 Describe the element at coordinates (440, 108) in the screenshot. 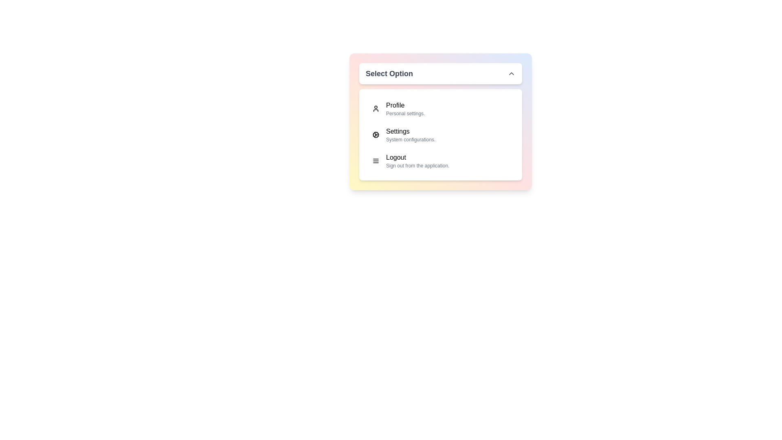

I see `the menu item corresponding to Profile to select it` at that location.